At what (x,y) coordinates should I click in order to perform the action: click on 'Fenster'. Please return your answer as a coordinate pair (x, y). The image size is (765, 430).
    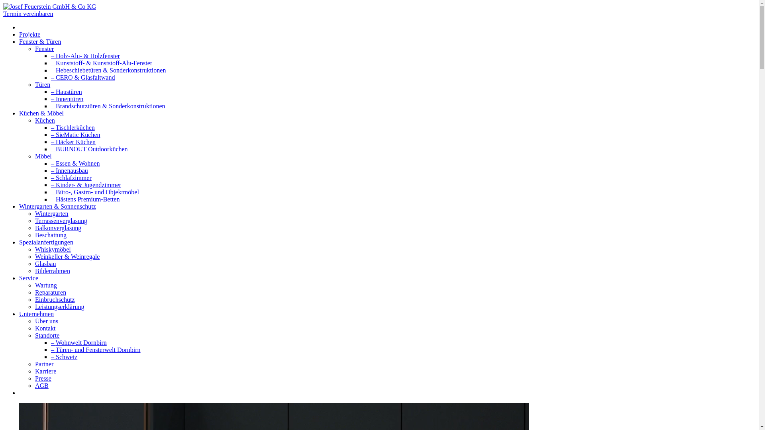
    Looking at the image, I should click on (44, 49).